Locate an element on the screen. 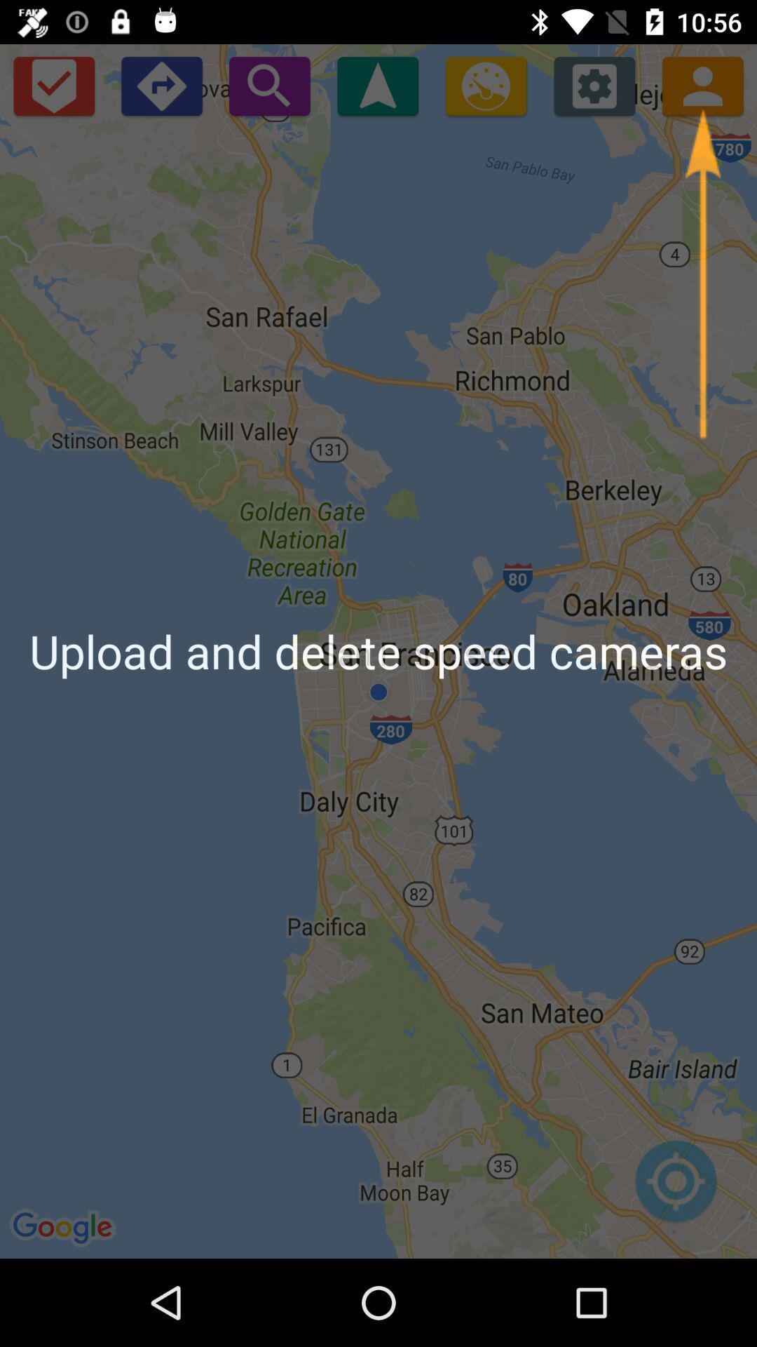 The width and height of the screenshot is (757, 1347). set location is located at coordinates (675, 1188).